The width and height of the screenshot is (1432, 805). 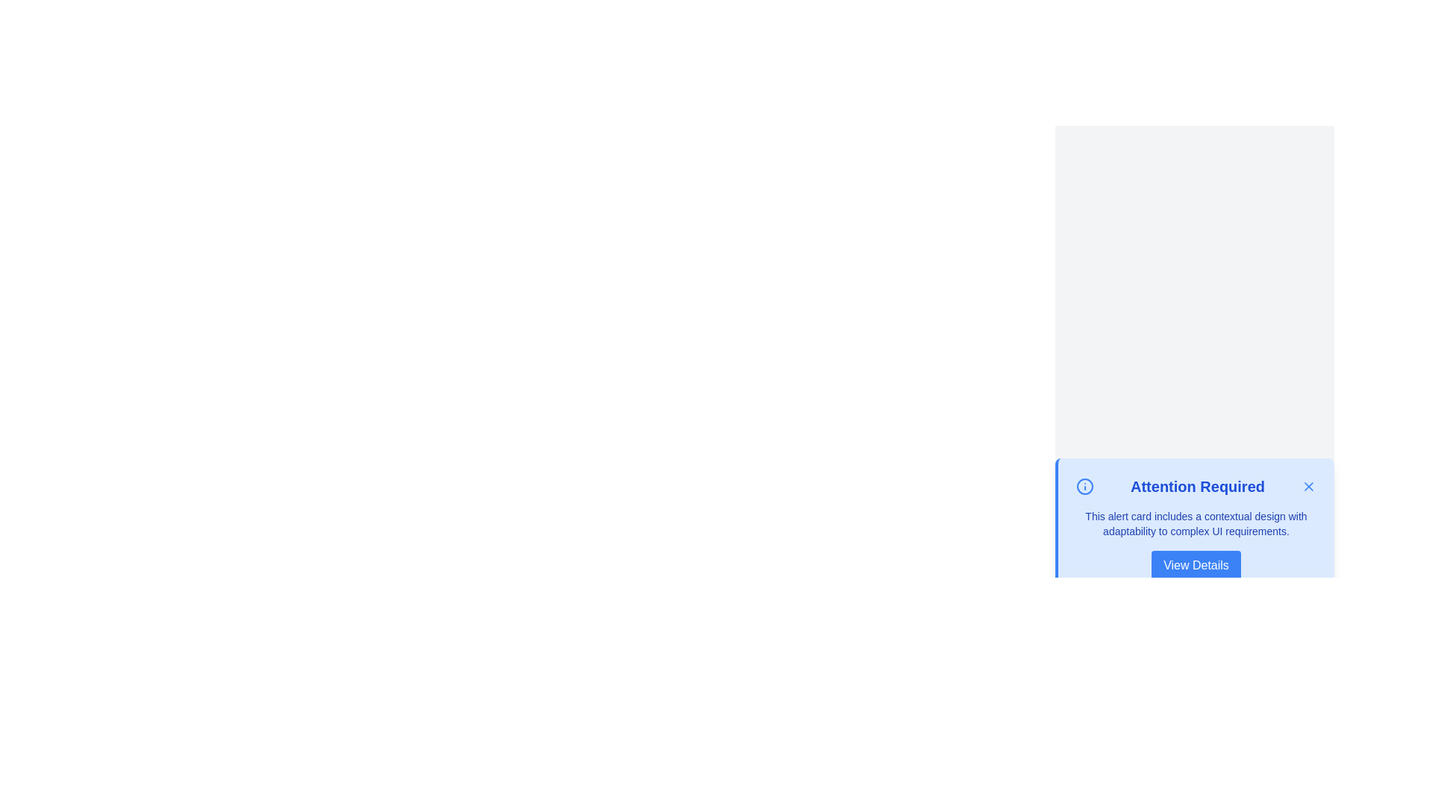 What do you see at coordinates (1084, 486) in the screenshot?
I see `the circular informational icon with a blue outline, located next to the 'Attention Required' title` at bounding box center [1084, 486].